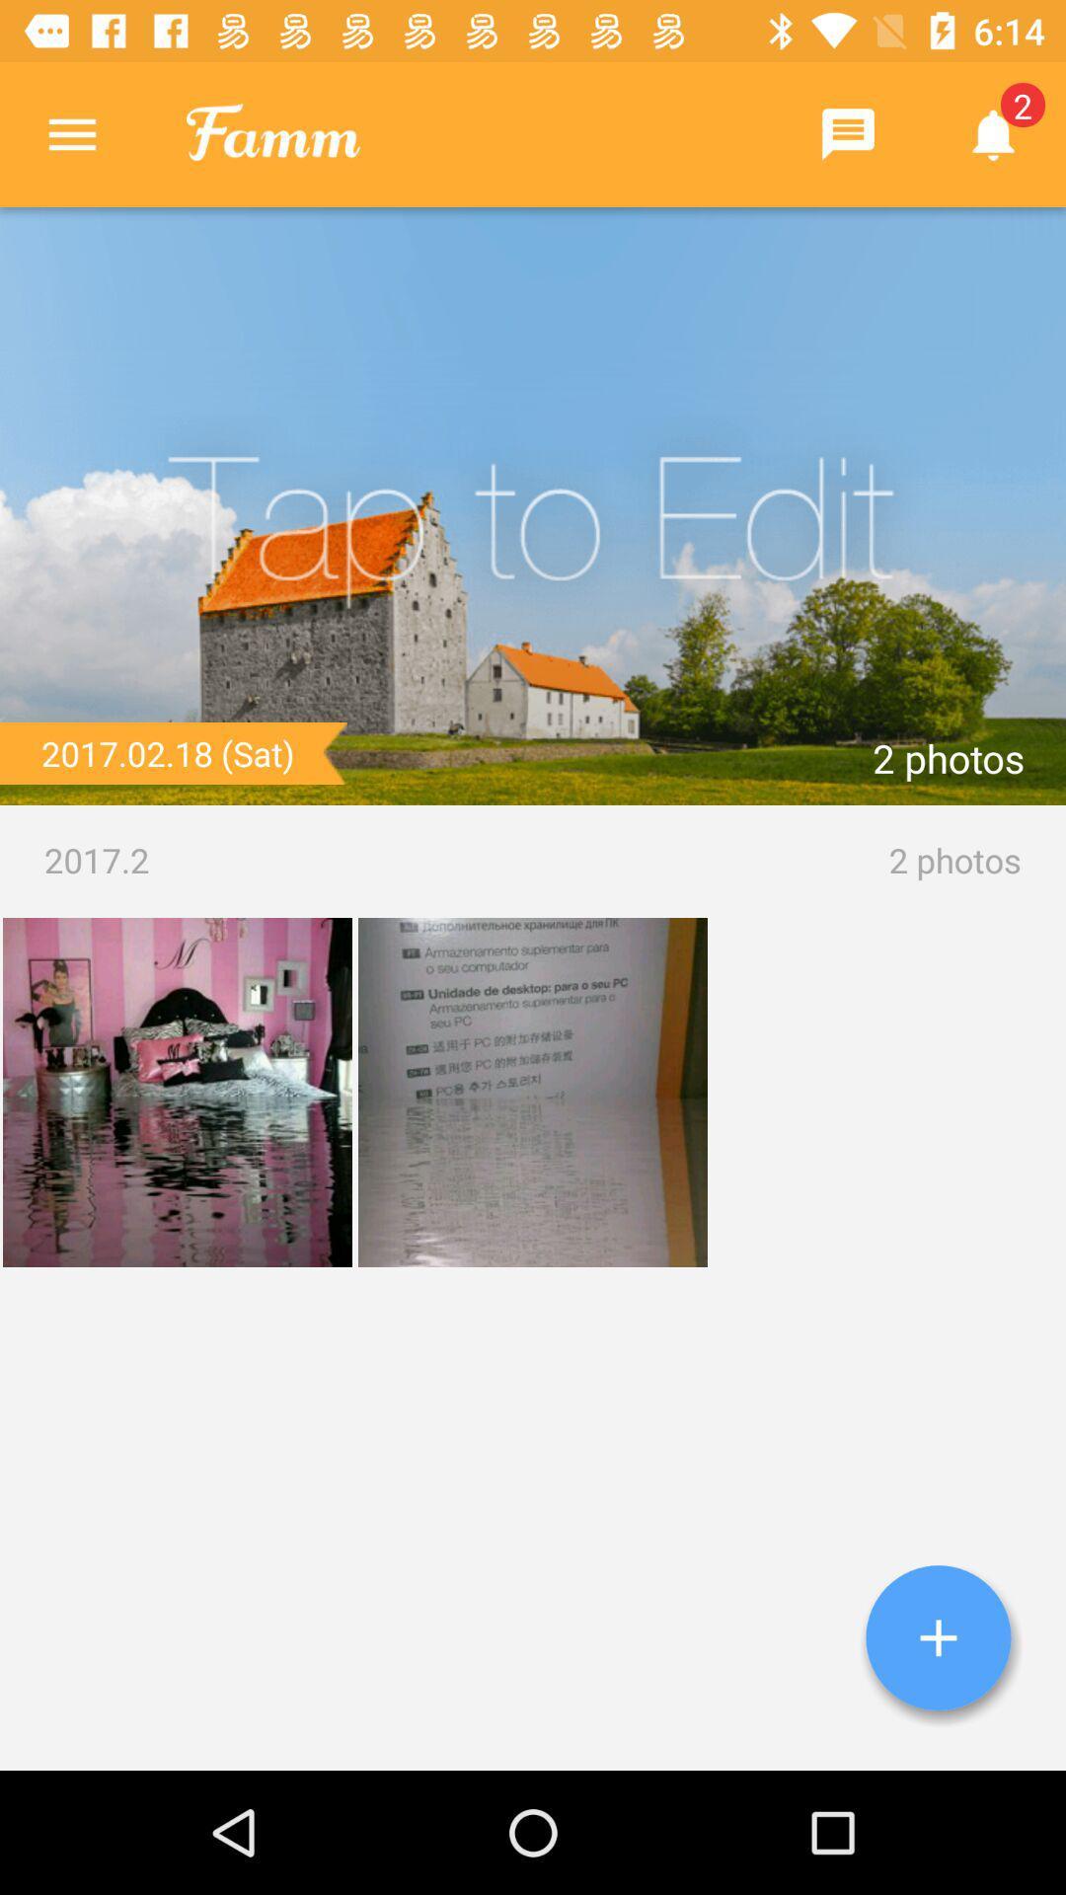  What do you see at coordinates (938, 1637) in the screenshot?
I see `more photos` at bounding box center [938, 1637].